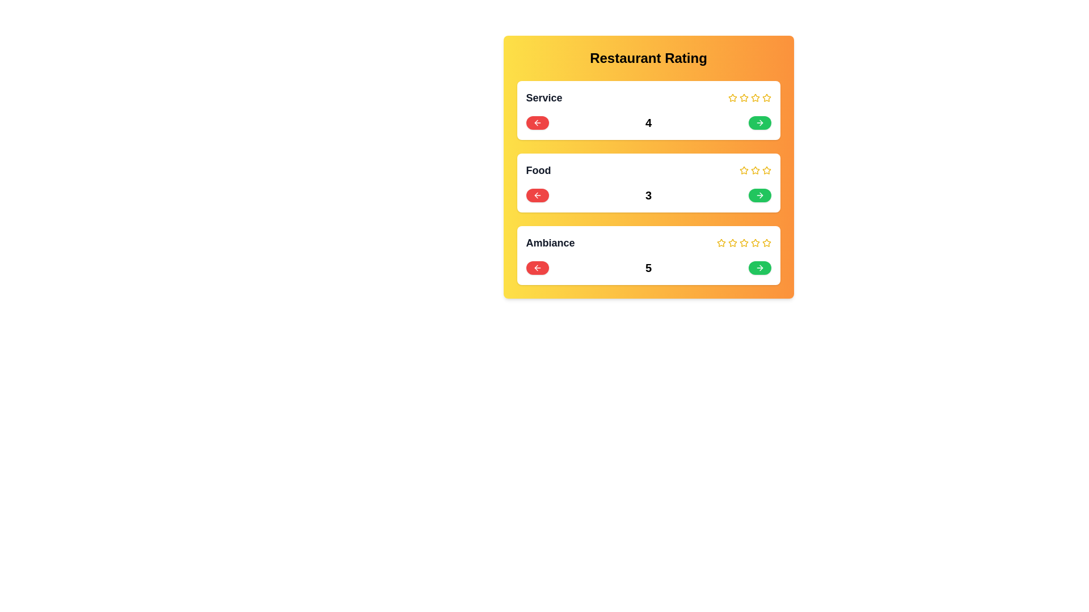 The height and width of the screenshot is (612, 1089). I want to click on the numeral '4' in the 'Service' row of the rating section, which is styled in a bold font and positioned between a left-pointing red circular button and a right-pointing green circular button, so click(648, 122).